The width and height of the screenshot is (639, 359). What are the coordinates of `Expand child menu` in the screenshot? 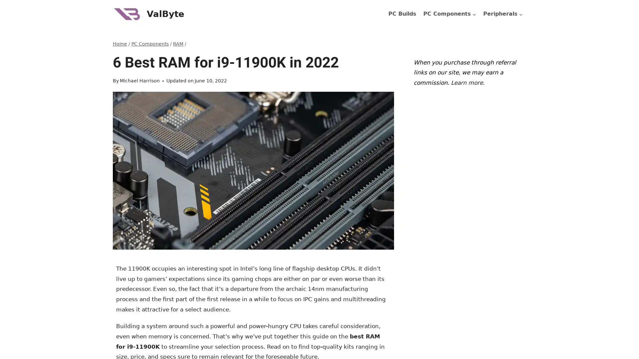 It's located at (503, 14).